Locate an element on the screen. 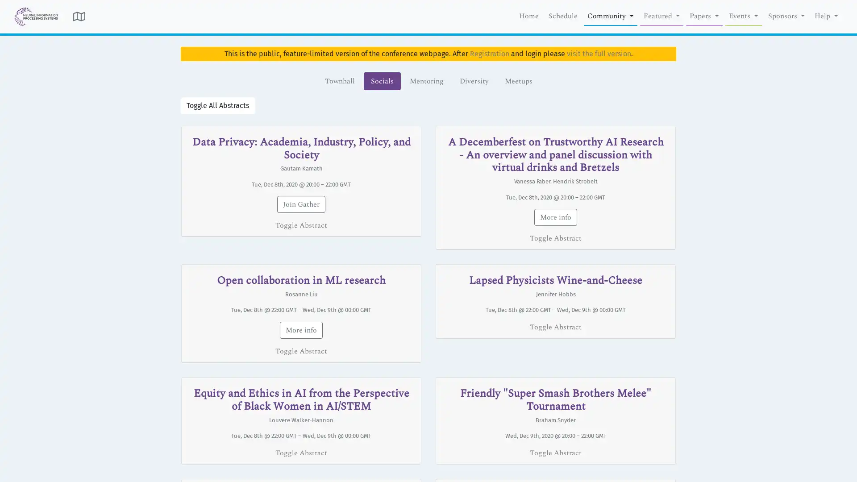 The image size is (857, 482). Toggle Abstract is located at coordinates (555, 327).